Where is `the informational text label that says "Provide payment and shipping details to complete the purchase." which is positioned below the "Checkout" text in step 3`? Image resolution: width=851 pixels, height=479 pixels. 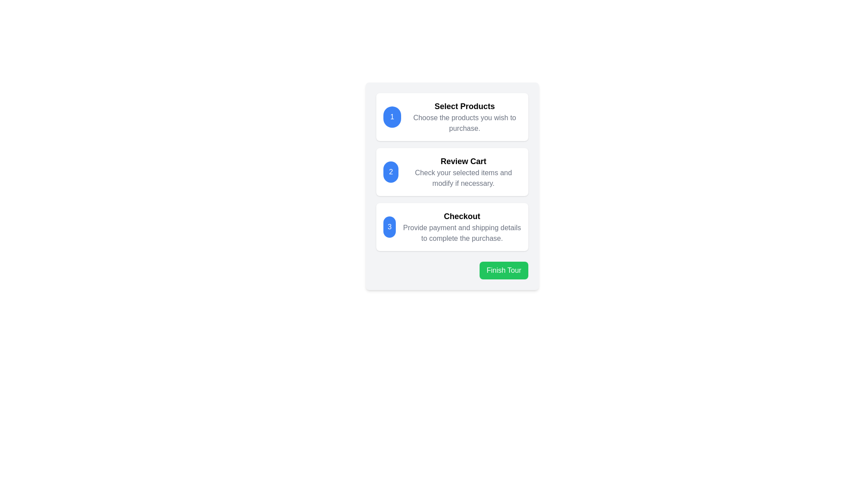 the informational text label that says "Provide payment and shipping details to complete the purchase." which is positioned below the "Checkout" text in step 3 is located at coordinates (461, 232).